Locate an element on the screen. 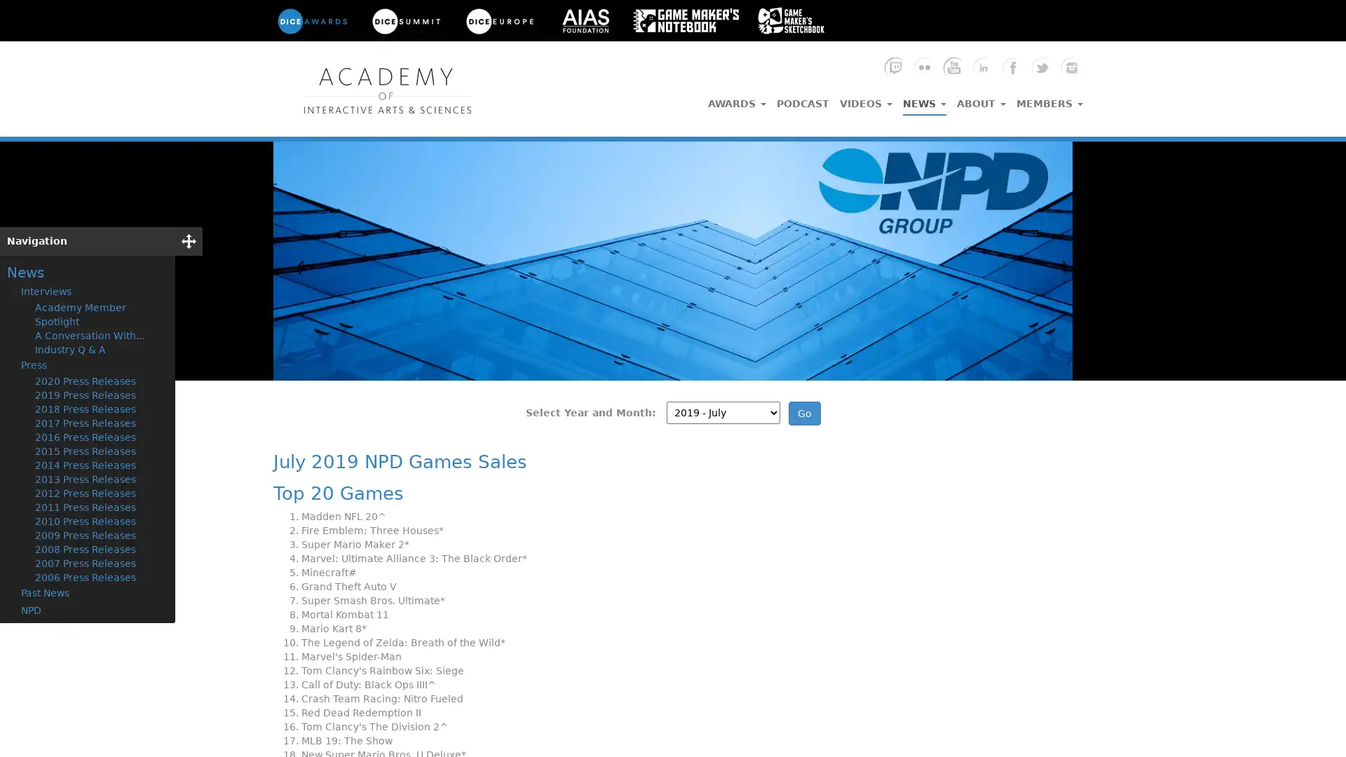  VIDEOS is located at coordinates (865, 99).